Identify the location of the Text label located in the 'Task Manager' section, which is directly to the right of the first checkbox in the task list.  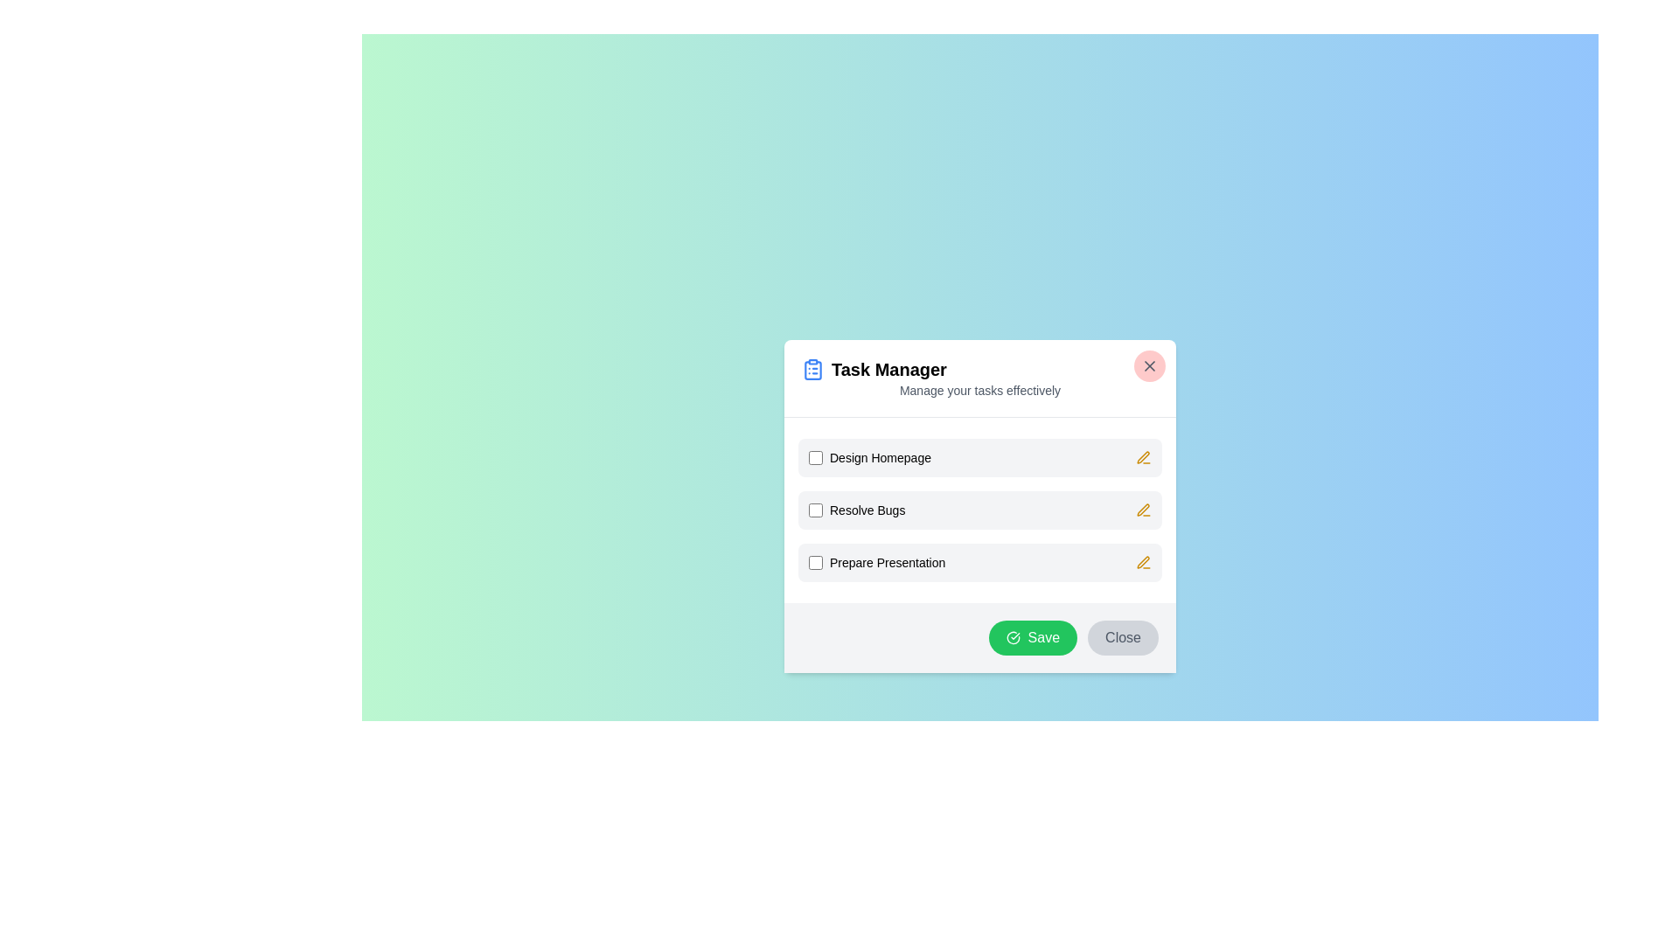
(881, 456).